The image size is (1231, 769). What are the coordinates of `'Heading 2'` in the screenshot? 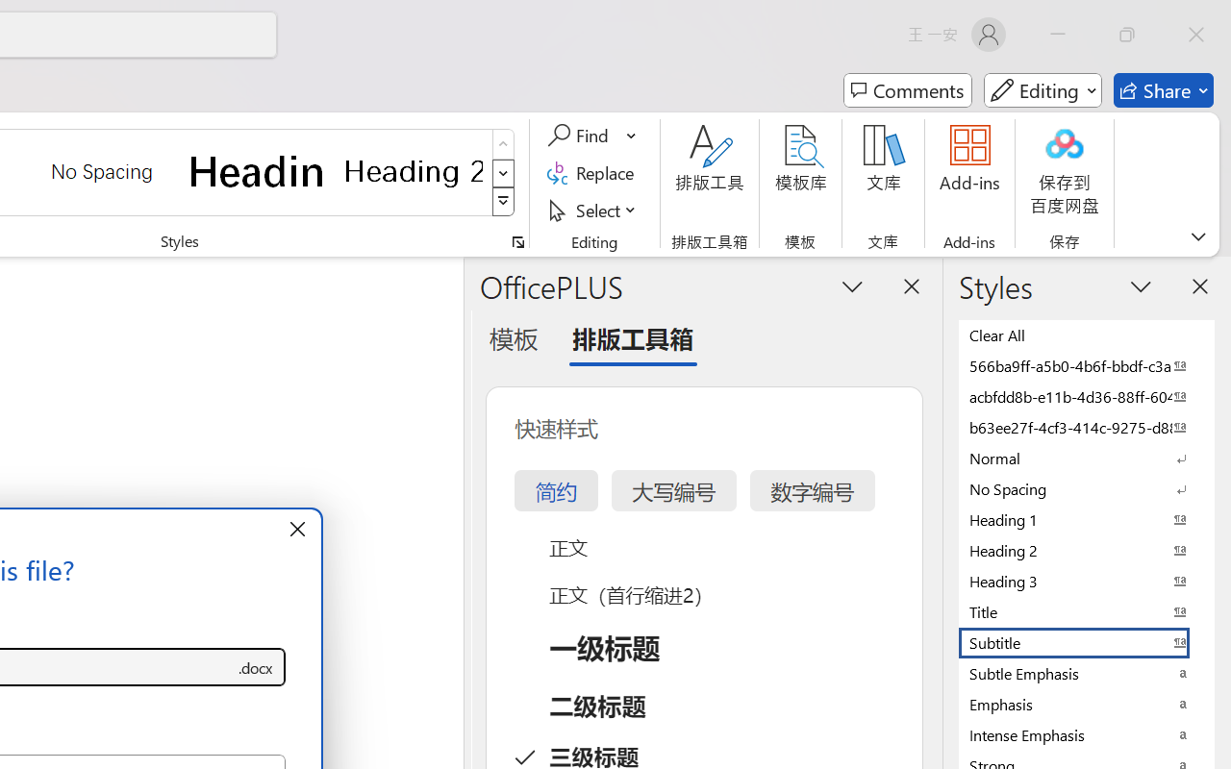 It's located at (413, 170).